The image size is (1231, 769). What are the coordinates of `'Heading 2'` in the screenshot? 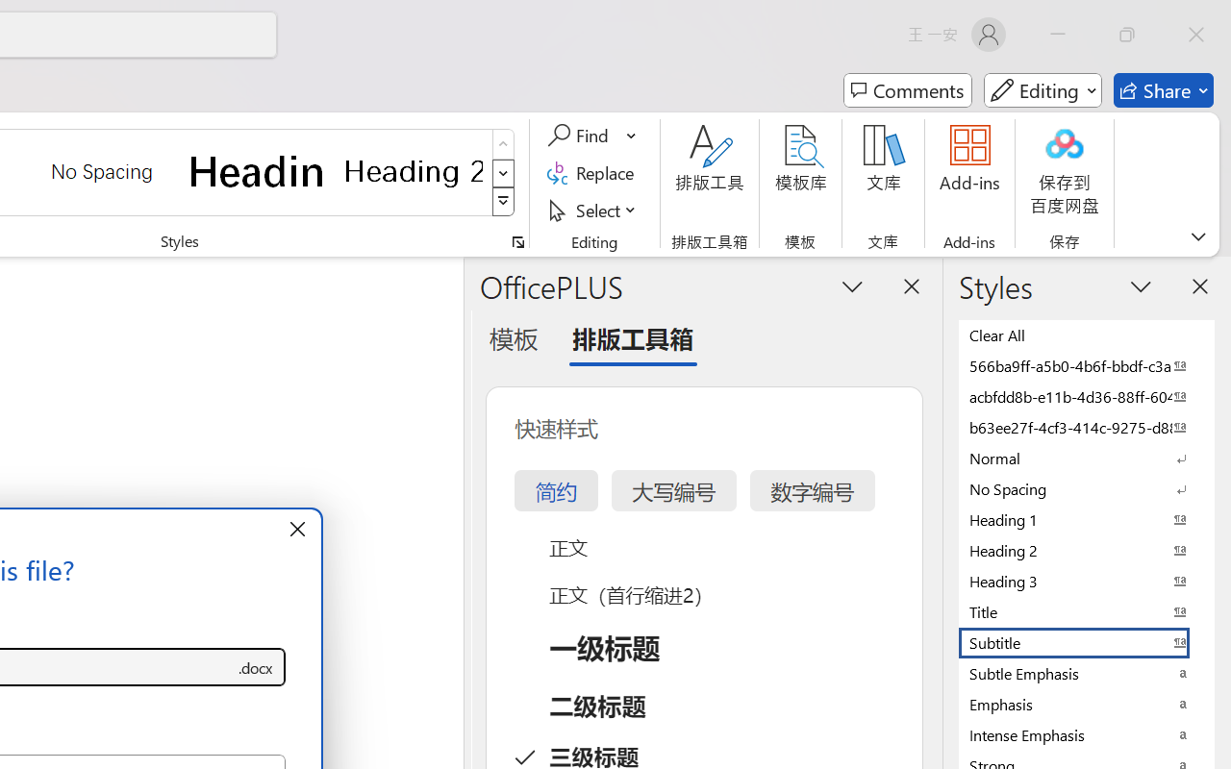 It's located at (413, 170).